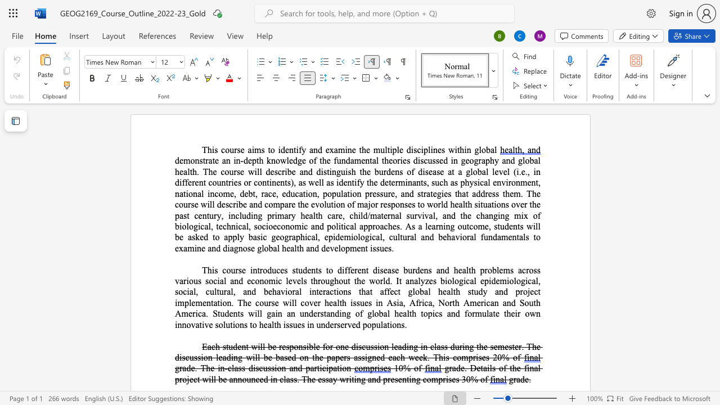  What do you see at coordinates (262, 182) in the screenshot?
I see `the space between the continuous character "o" and "n" in the text` at bounding box center [262, 182].